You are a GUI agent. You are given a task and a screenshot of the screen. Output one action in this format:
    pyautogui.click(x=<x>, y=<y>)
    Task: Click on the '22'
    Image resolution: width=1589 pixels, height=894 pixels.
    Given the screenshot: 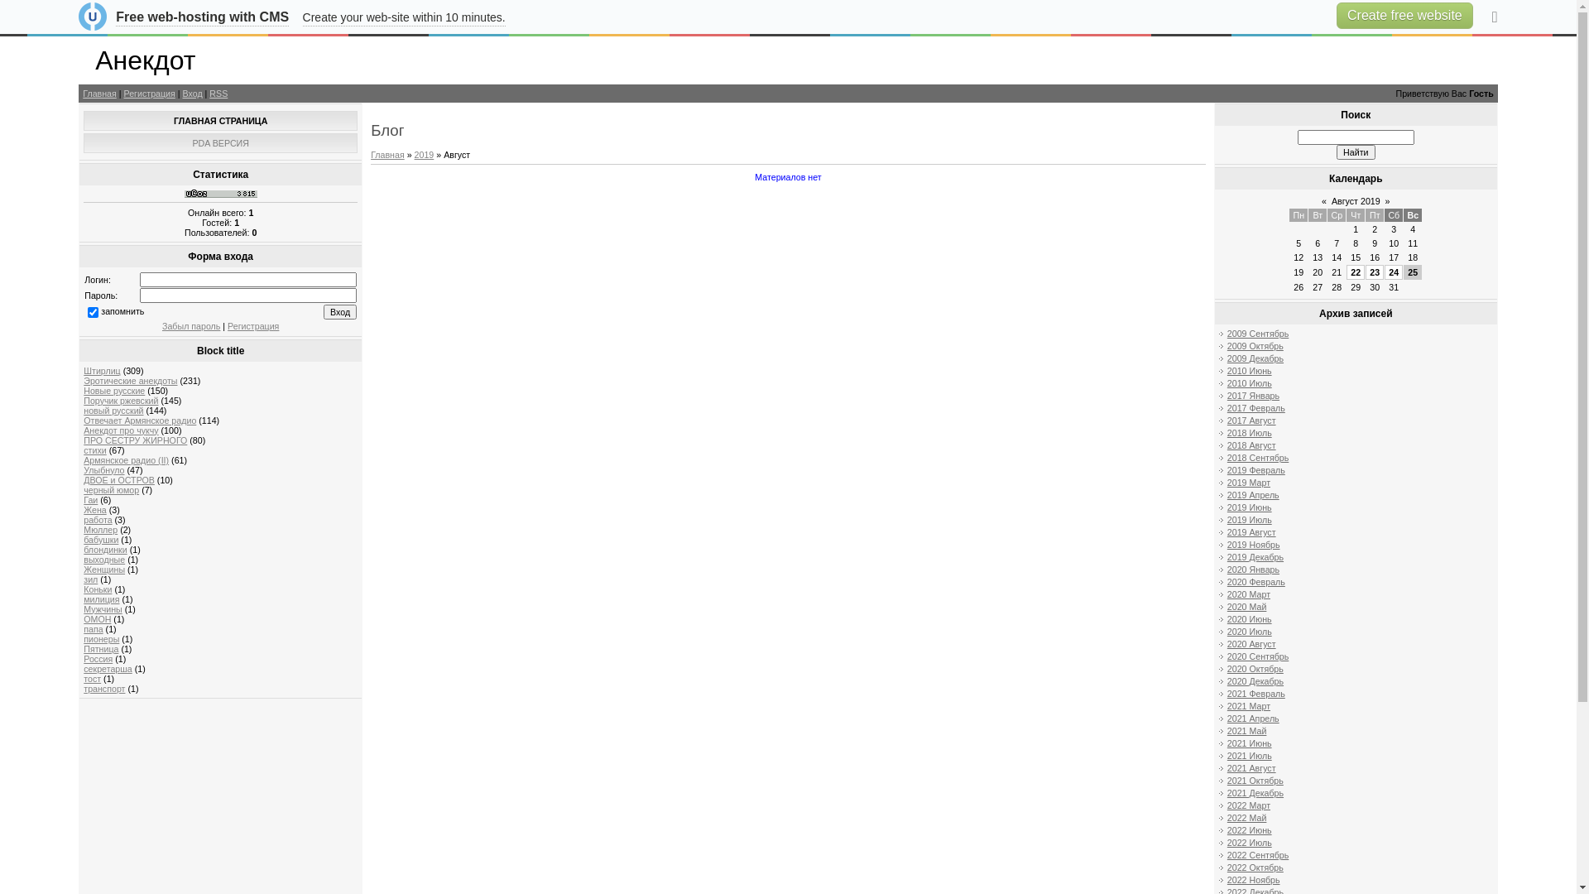 What is the action you would take?
    pyautogui.click(x=1355, y=271)
    